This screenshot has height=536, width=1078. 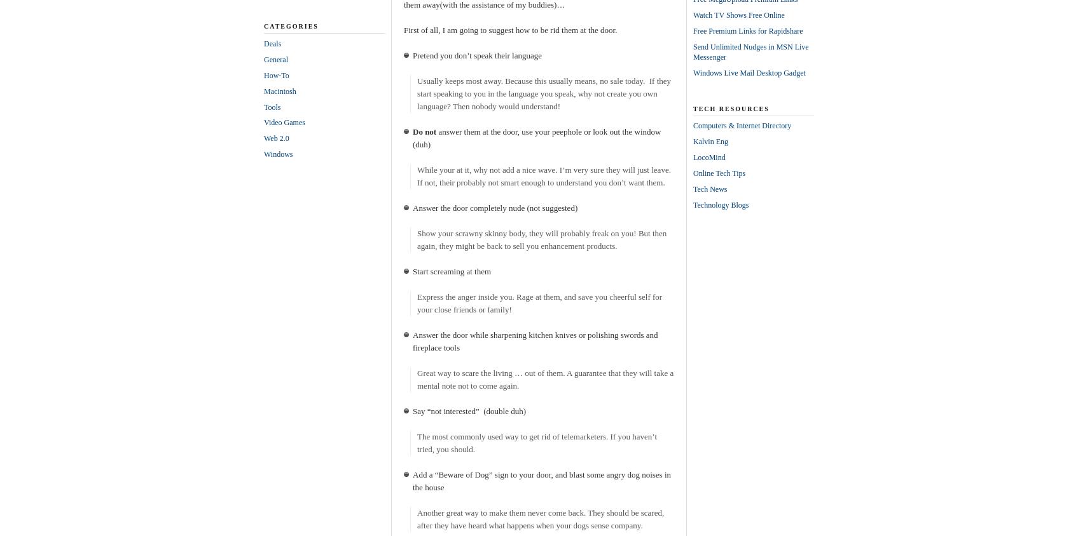 What do you see at coordinates (536, 137) in the screenshot?
I see `'answer them at the door, use your peephole or look out the window (duh)'` at bounding box center [536, 137].